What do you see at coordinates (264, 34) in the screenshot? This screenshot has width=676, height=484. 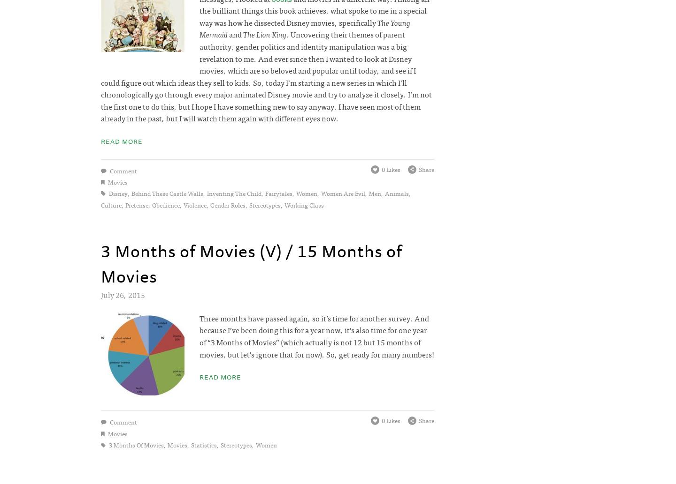 I see `'The Lion King'` at bounding box center [264, 34].